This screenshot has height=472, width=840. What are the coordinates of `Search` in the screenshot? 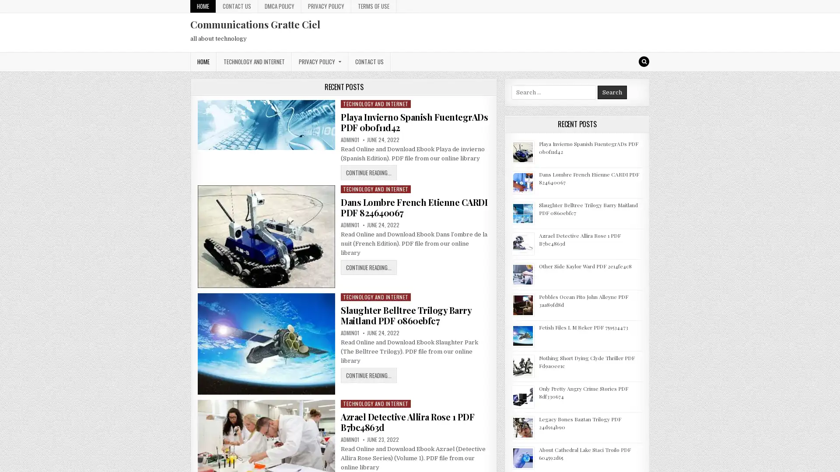 It's located at (612, 92).